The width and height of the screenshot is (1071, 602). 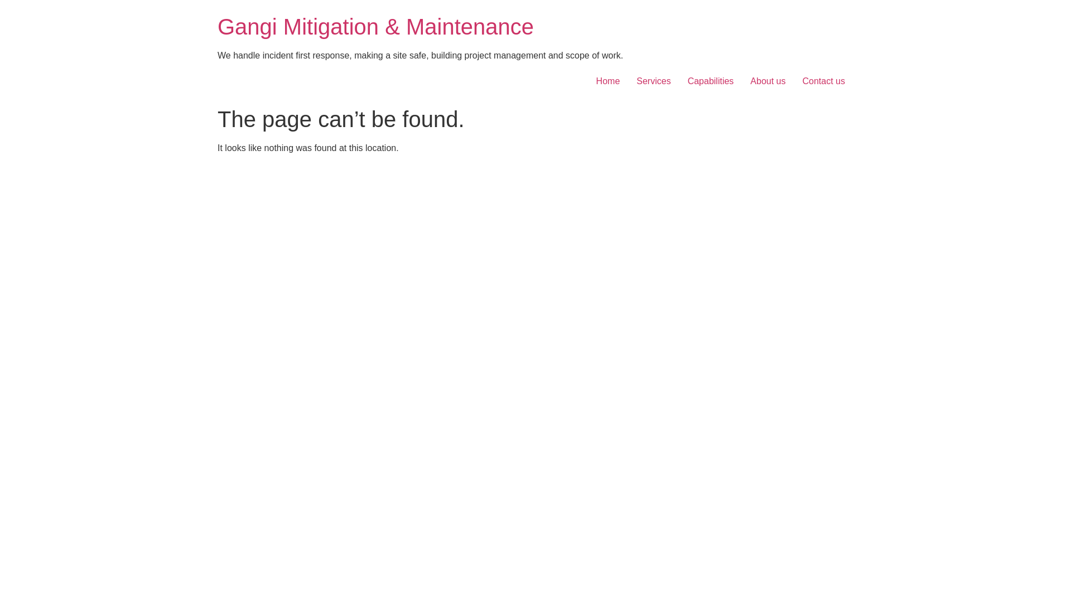 What do you see at coordinates (375, 26) in the screenshot?
I see `'Gangi Mitigation & Maintenance'` at bounding box center [375, 26].